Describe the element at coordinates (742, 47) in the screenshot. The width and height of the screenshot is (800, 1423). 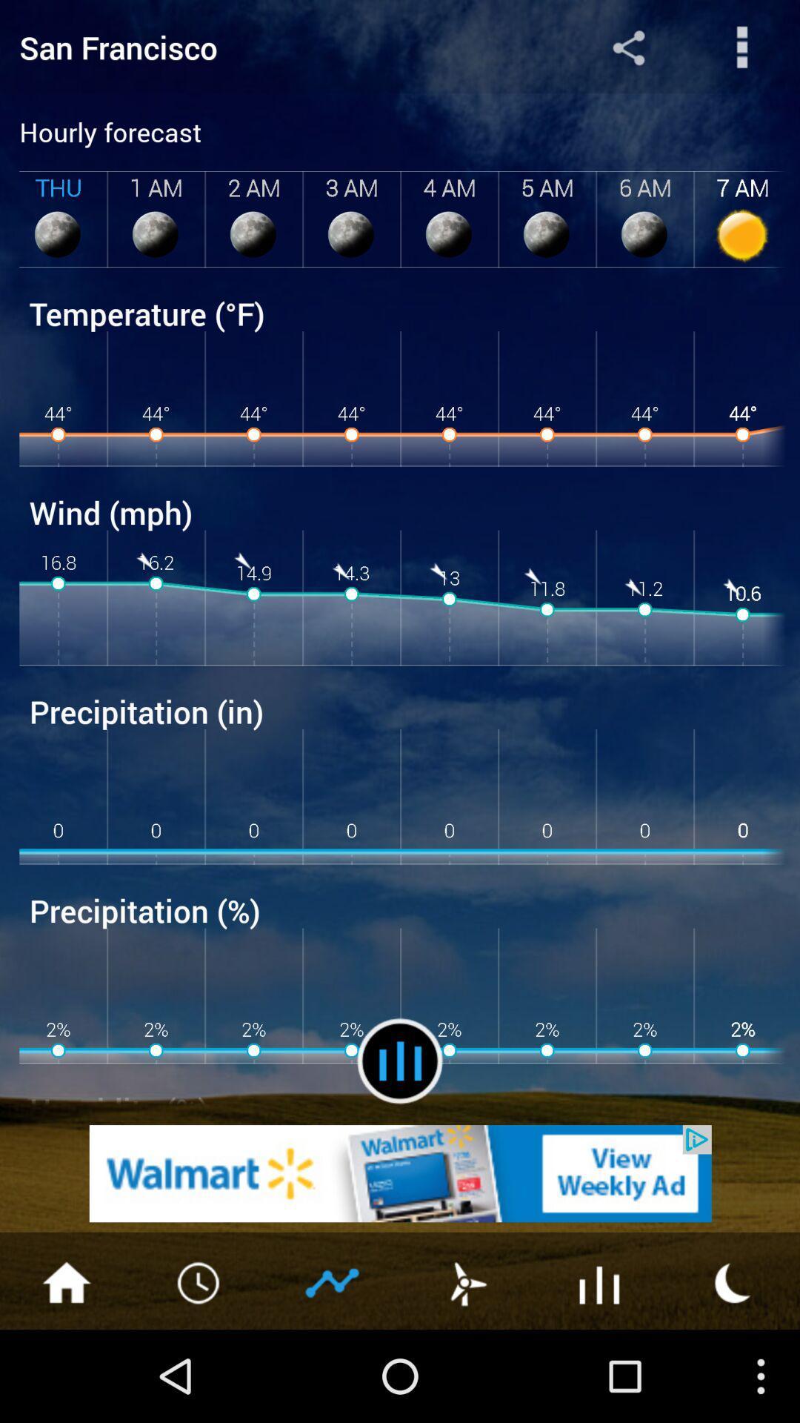
I see `open menu` at that location.